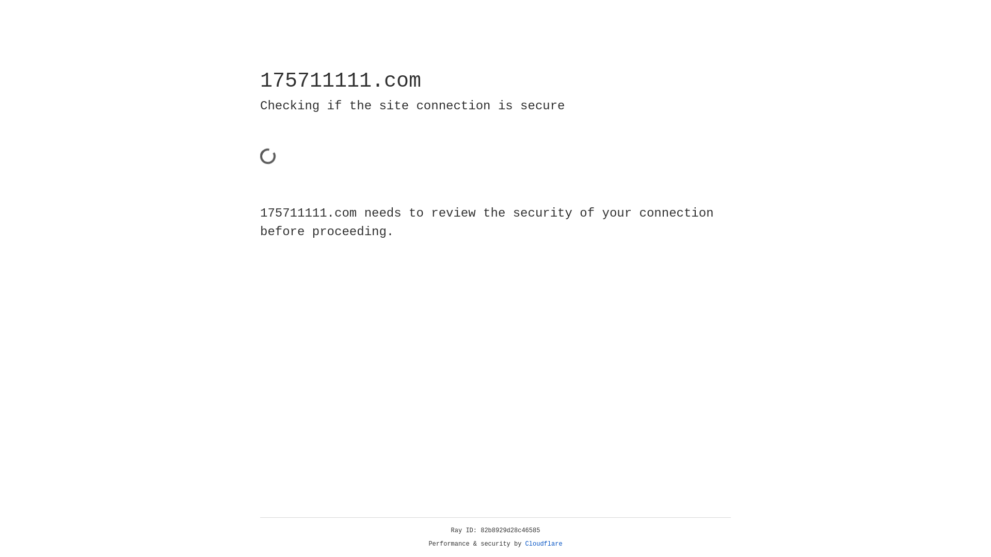  I want to click on 'Cloudflare', so click(544, 544).